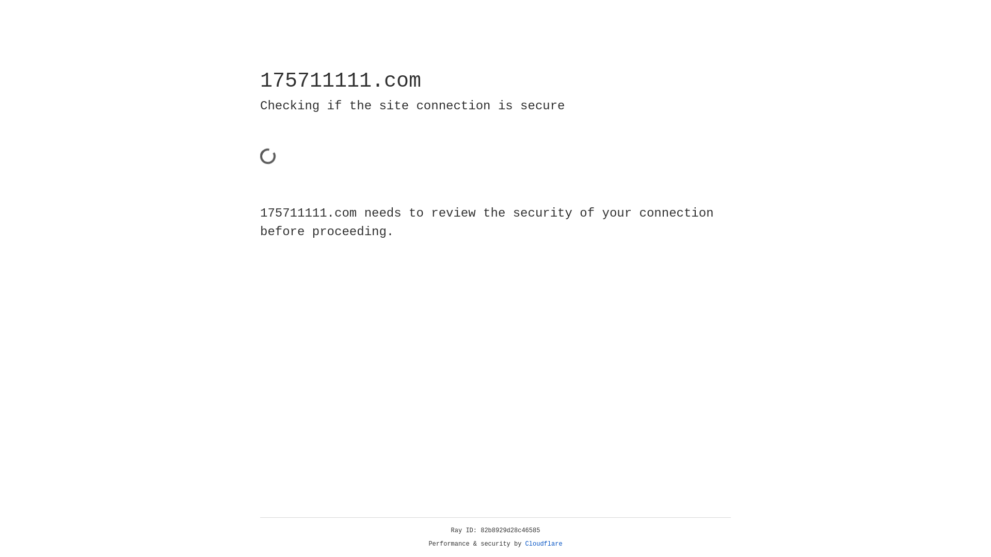  I want to click on 'Cloudflare', so click(544, 544).